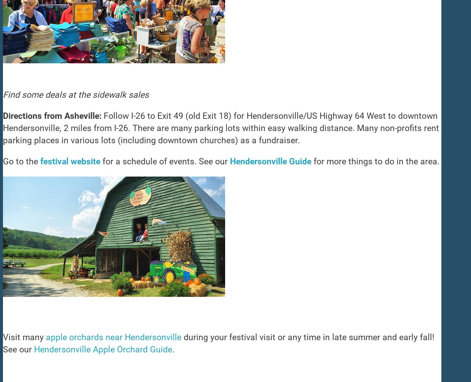 This screenshot has height=382, width=471. I want to click on 'Hendersonville Apple Orchard Guide', so click(34, 349).